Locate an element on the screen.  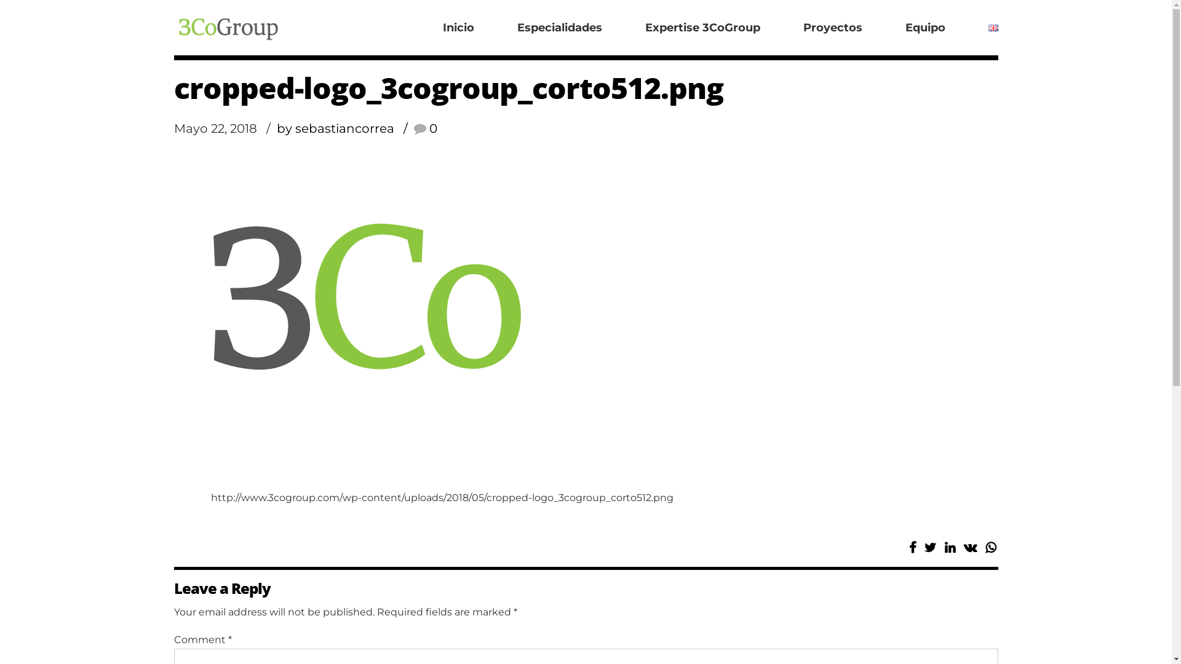
'0' is located at coordinates (425, 128).